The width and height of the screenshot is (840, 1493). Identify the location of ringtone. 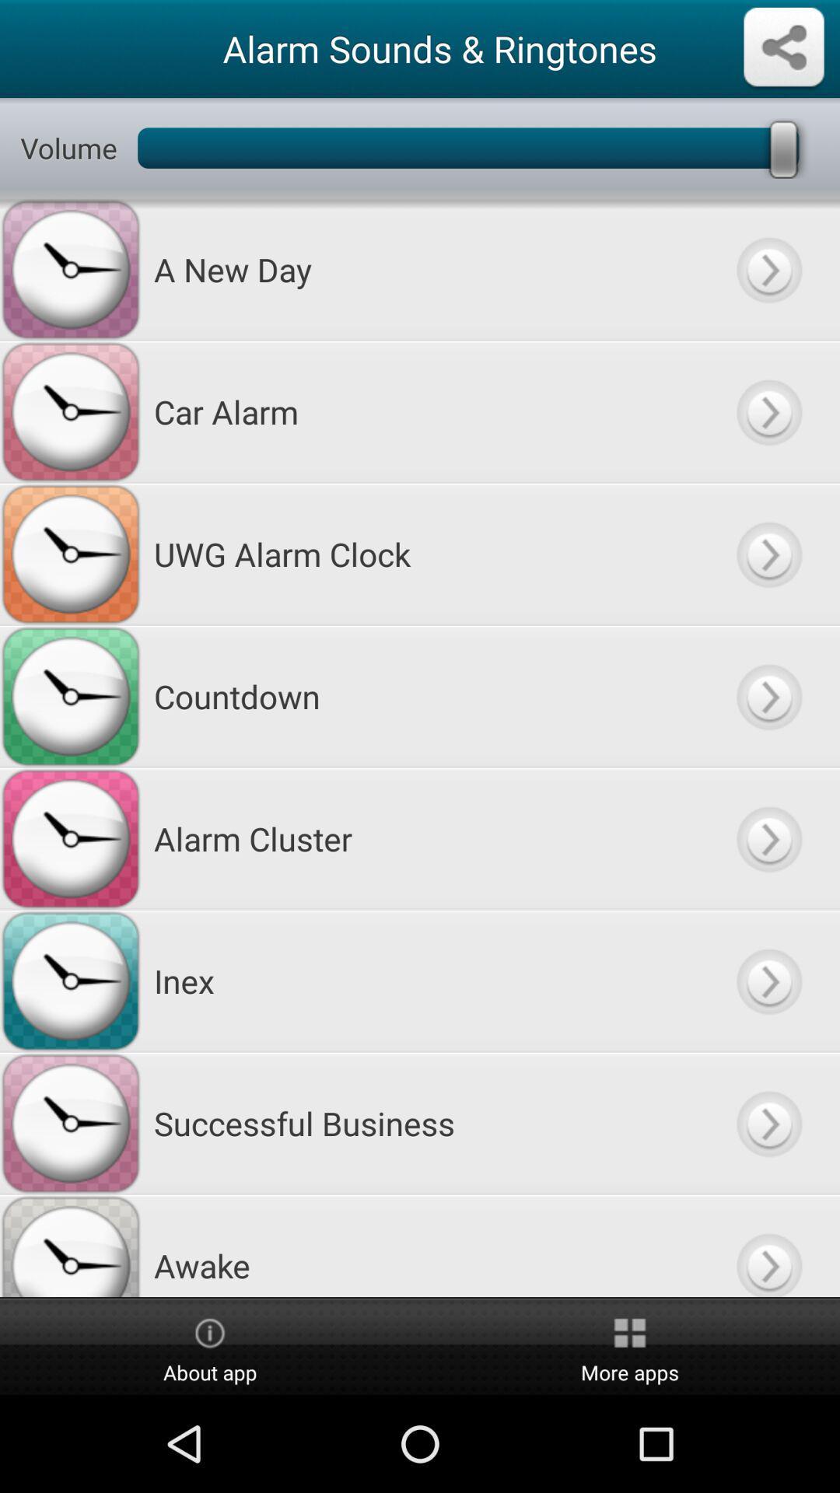
(768, 980).